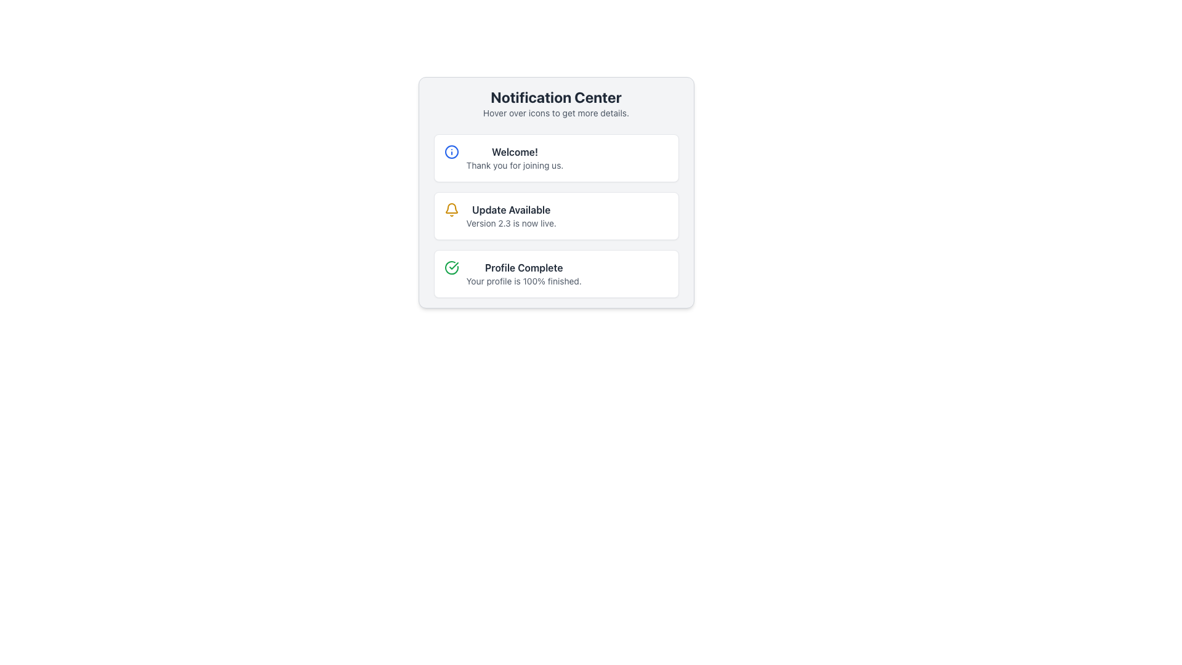 Image resolution: width=1182 pixels, height=665 pixels. Describe the element at coordinates (511, 216) in the screenshot. I see `the notification text block that informs the user about a new update availability, positioned as the second item in the vertical list of notifications on the panel` at that location.